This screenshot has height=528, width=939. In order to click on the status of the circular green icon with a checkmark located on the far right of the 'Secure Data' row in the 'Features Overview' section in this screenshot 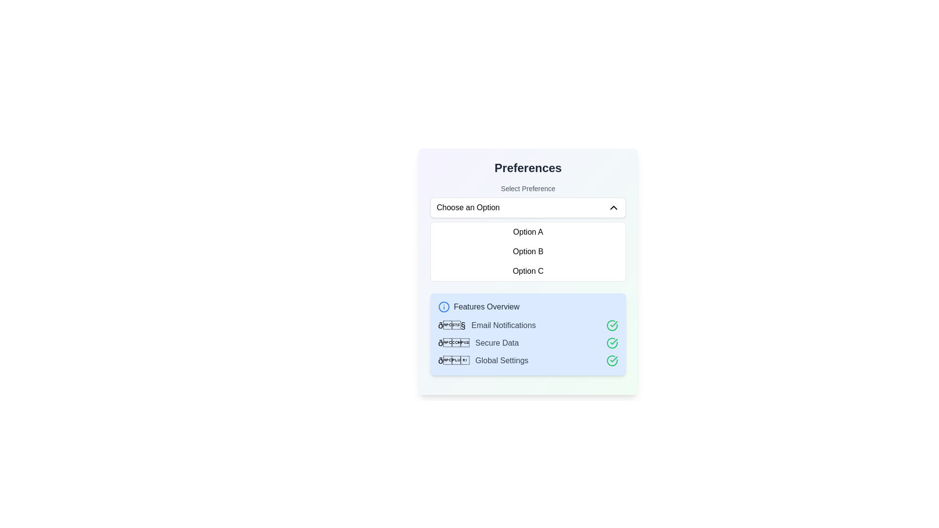, I will do `click(612, 343)`.